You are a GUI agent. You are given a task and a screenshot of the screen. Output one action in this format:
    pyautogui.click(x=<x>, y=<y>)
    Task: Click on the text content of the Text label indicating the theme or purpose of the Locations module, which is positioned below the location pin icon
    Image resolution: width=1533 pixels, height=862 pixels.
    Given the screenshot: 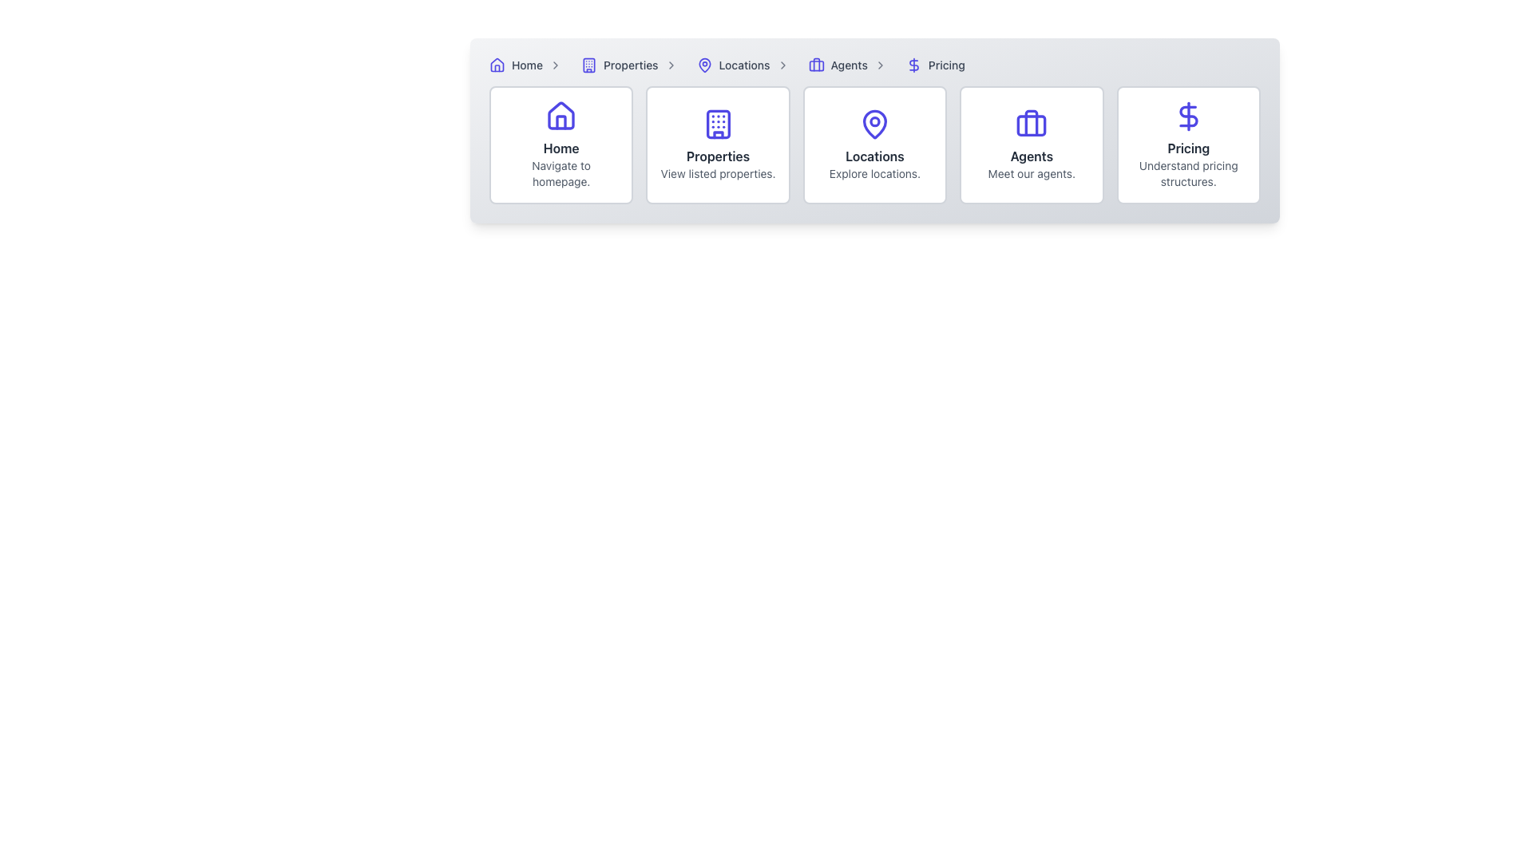 What is the action you would take?
    pyautogui.click(x=873, y=156)
    